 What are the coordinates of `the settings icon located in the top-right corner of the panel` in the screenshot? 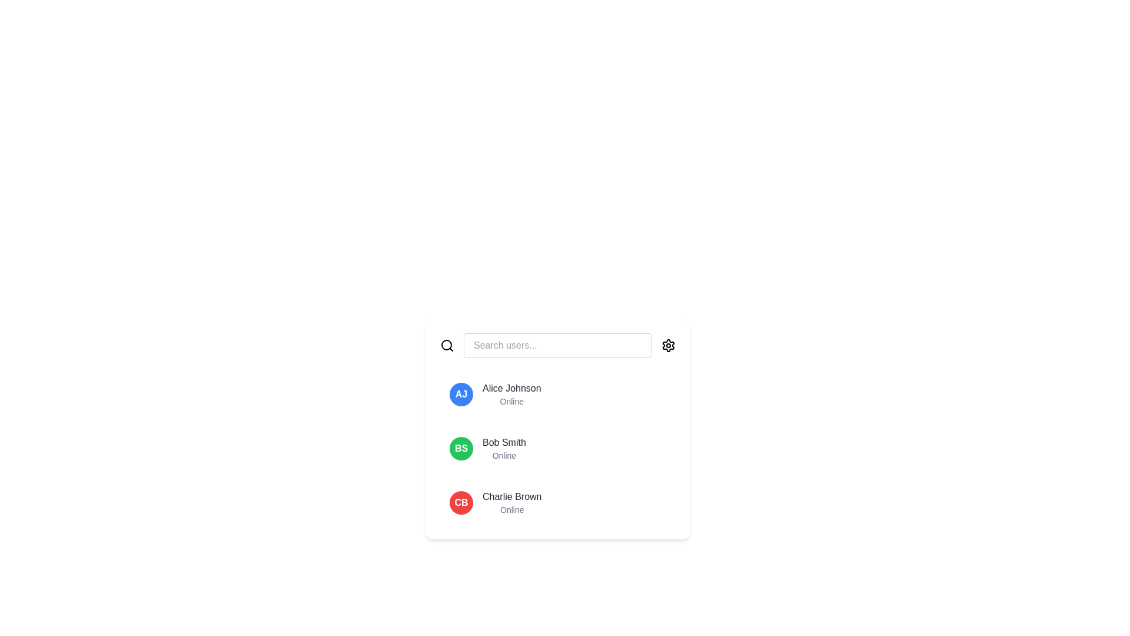 It's located at (669, 344).